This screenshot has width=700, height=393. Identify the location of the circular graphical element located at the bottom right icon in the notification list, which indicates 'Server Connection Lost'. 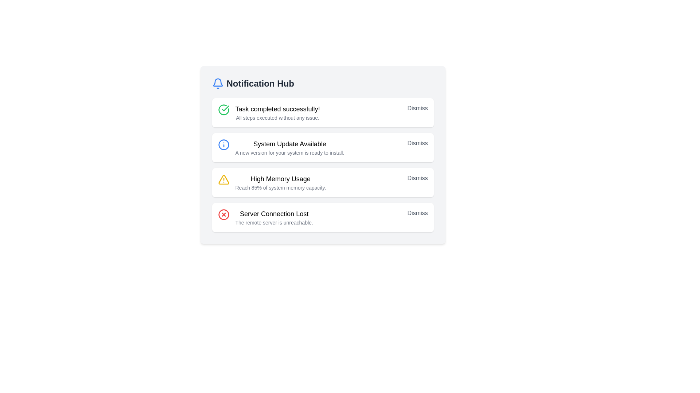
(223, 214).